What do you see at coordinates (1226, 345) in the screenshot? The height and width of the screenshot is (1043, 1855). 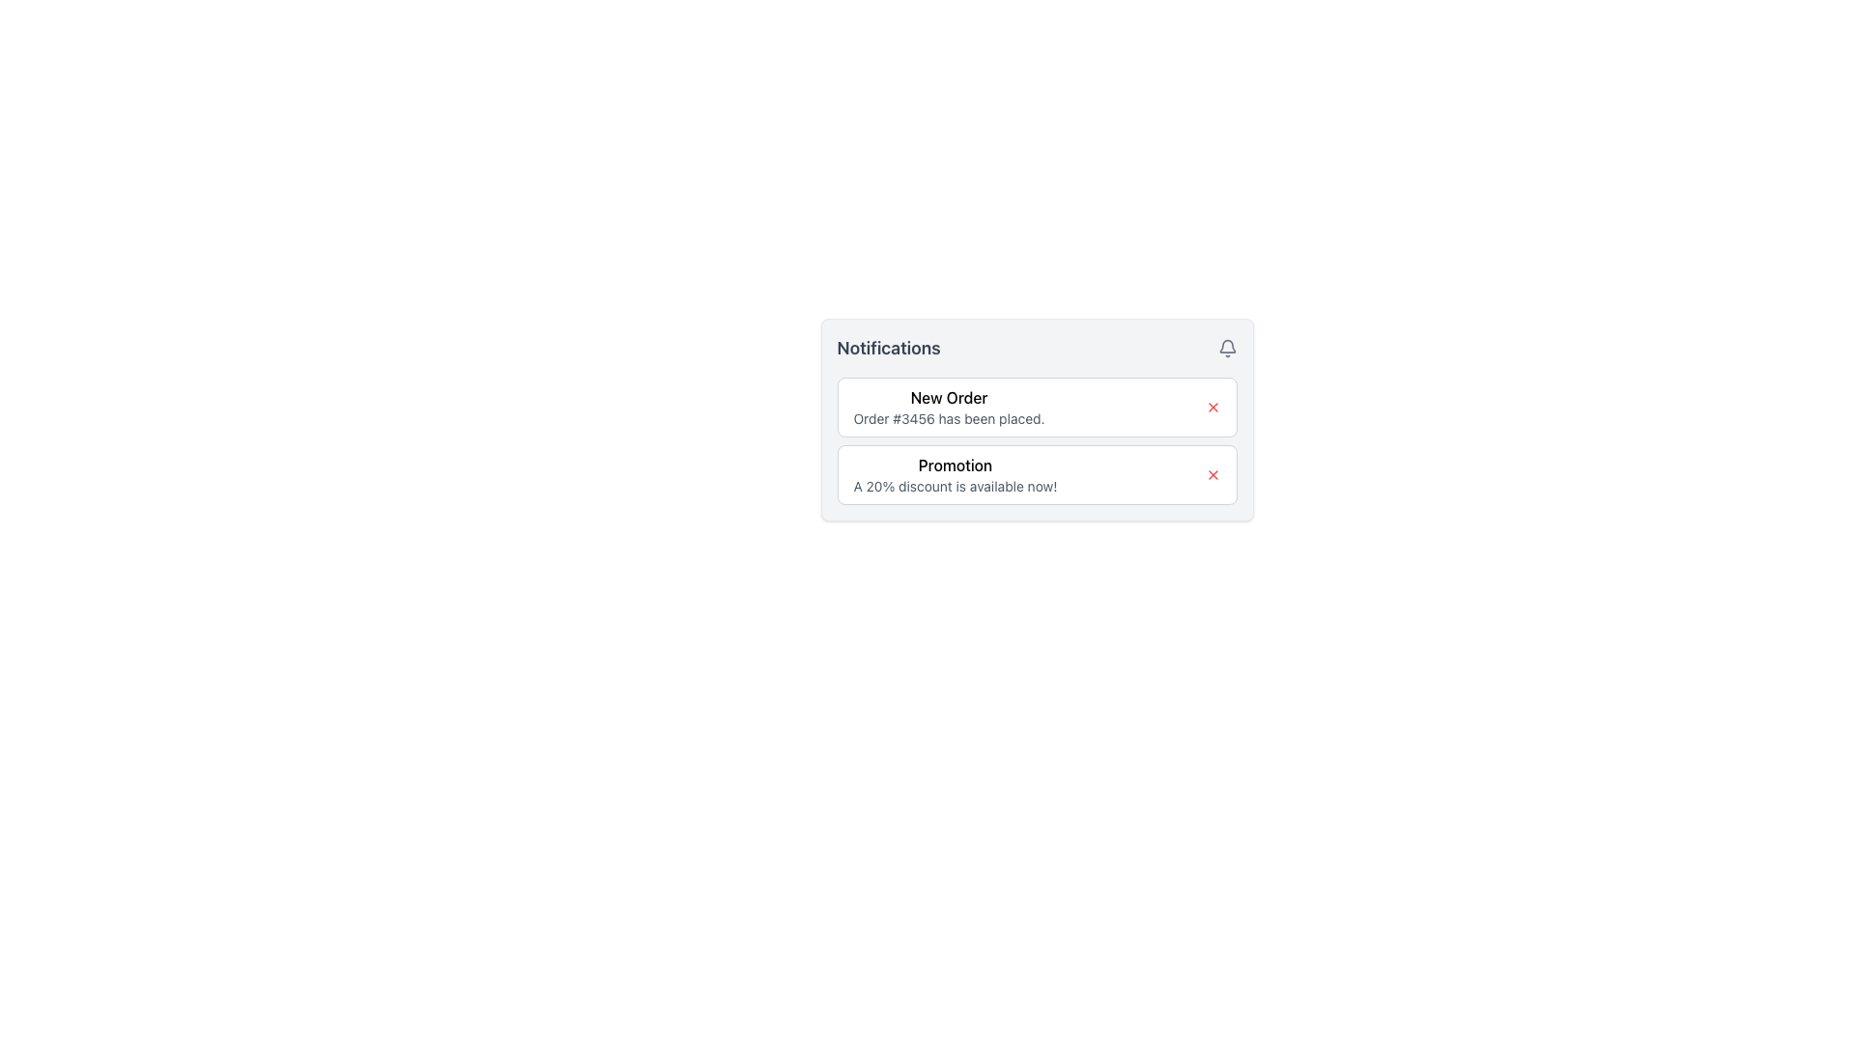 I see `the bell-shaped notification icon located in the top-right corner of the notification panel, which features a curved, hollow outline representing the bell's contour` at bounding box center [1226, 345].